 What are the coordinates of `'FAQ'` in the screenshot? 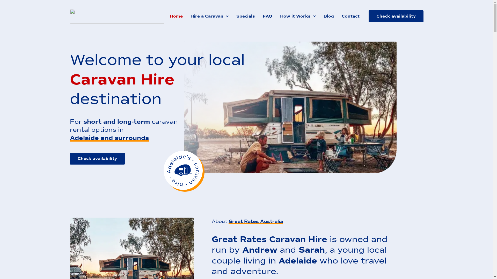 It's located at (259, 16).